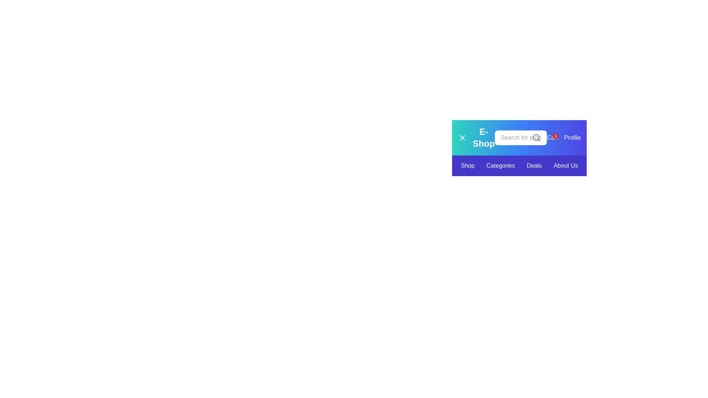 This screenshot has height=398, width=708. I want to click on the 'About Us' button in the navigation menu, which is the fourth item styled with a blue background and white text, so click(565, 165).